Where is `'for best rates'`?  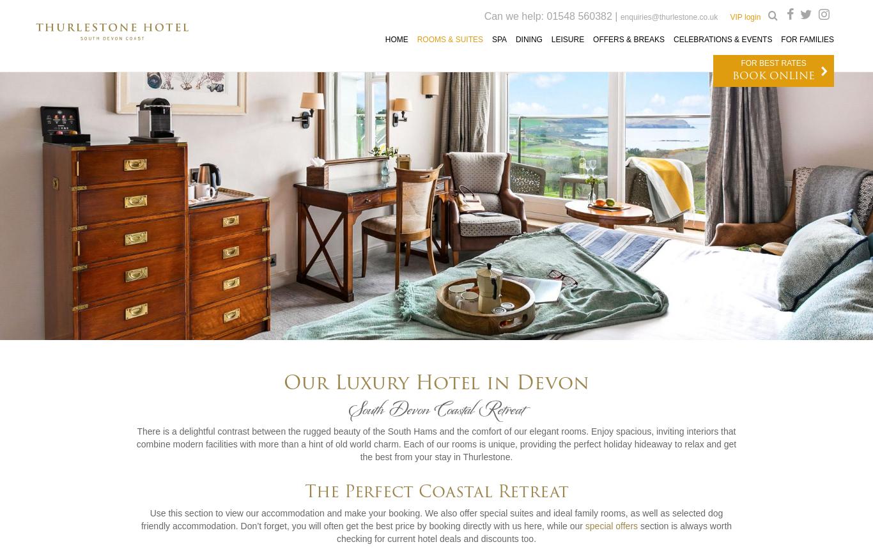 'for best rates' is located at coordinates (773, 63).